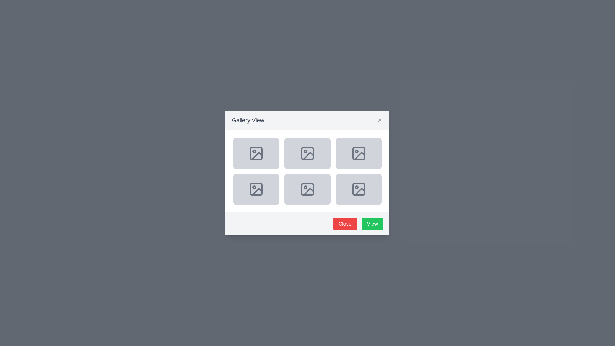  What do you see at coordinates (358, 189) in the screenshot?
I see `the Image Placeholder located in the bottom-right corner of the grid layout containing six similar elements` at bounding box center [358, 189].